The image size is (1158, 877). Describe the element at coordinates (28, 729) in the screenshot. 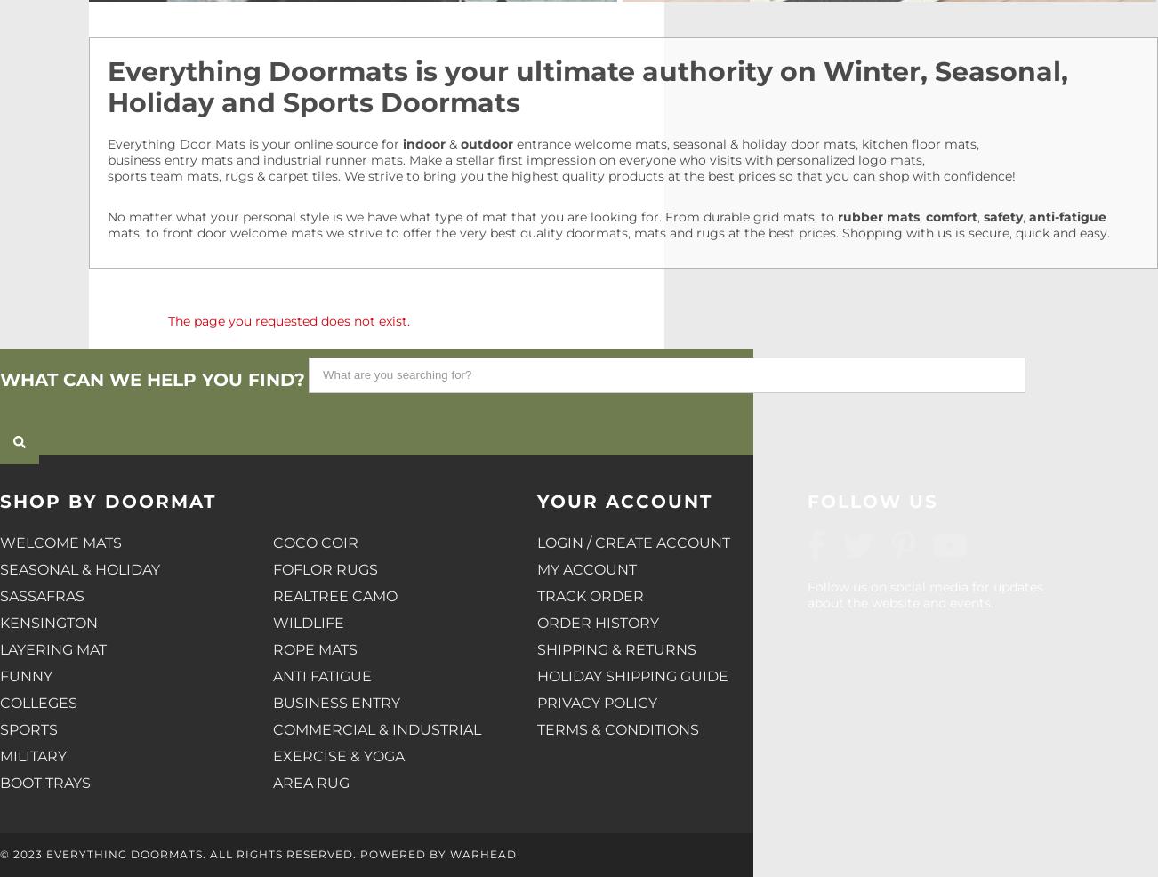

I see `'Sports'` at that location.